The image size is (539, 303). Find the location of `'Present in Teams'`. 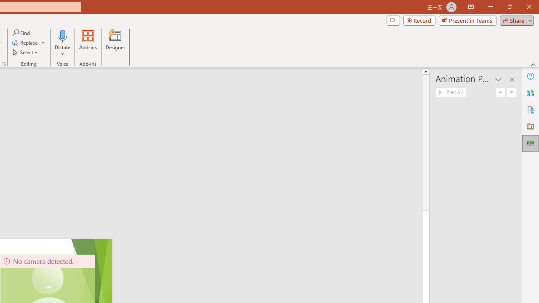

'Present in Teams' is located at coordinates (467, 20).